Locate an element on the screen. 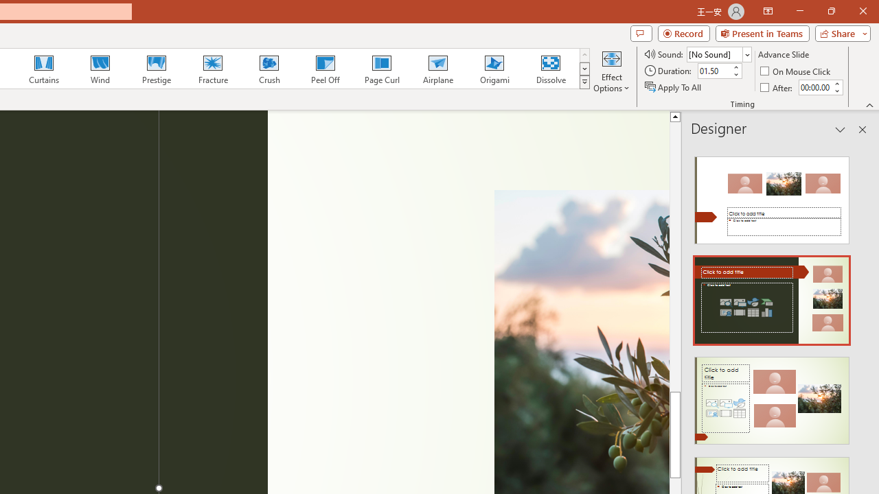  'Wind' is located at coordinates (99, 69).